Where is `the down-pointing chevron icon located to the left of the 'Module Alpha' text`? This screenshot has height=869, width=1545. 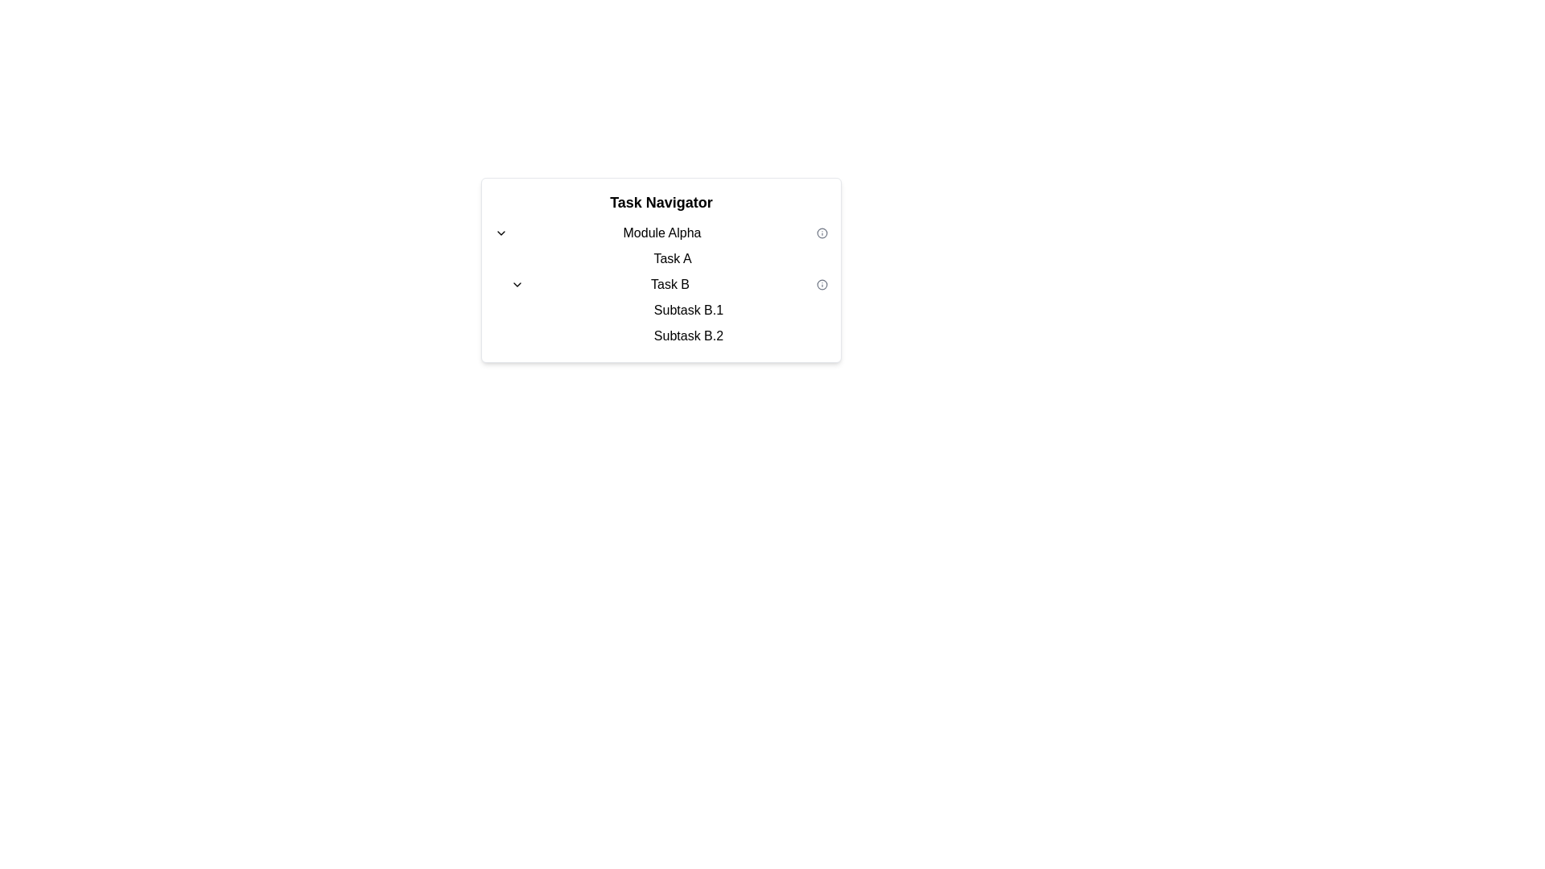
the down-pointing chevron icon located to the left of the 'Module Alpha' text is located at coordinates (501, 233).